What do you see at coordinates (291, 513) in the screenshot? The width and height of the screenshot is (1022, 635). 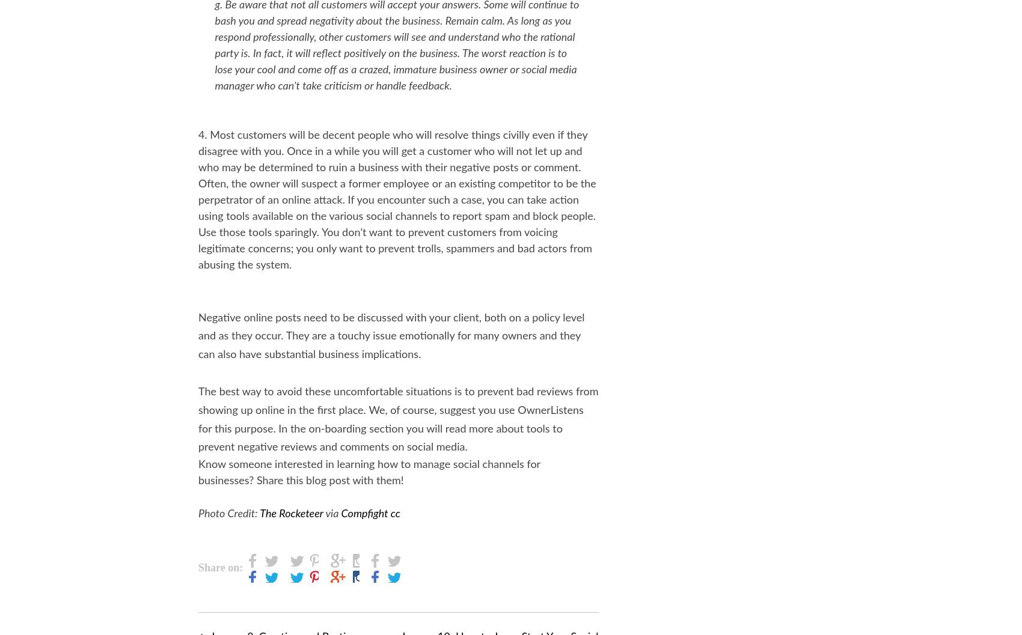 I see `'The Rocketeer'` at bounding box center [291, 513].